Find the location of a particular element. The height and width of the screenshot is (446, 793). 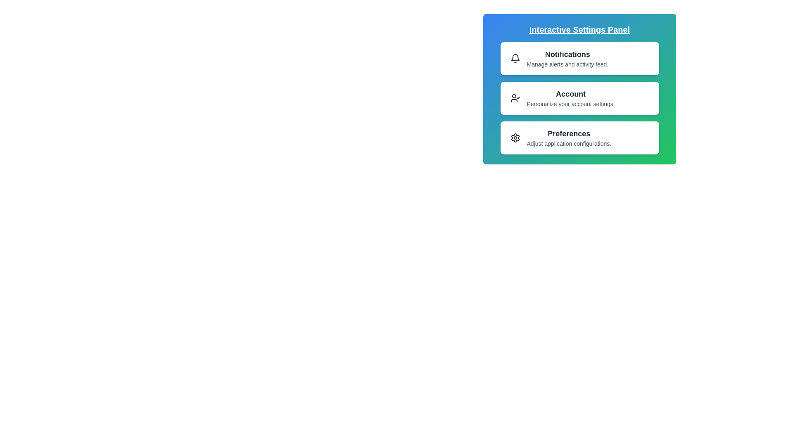

the 'Notifications' button to observe its hover effect is located at coordinates (579, 58).